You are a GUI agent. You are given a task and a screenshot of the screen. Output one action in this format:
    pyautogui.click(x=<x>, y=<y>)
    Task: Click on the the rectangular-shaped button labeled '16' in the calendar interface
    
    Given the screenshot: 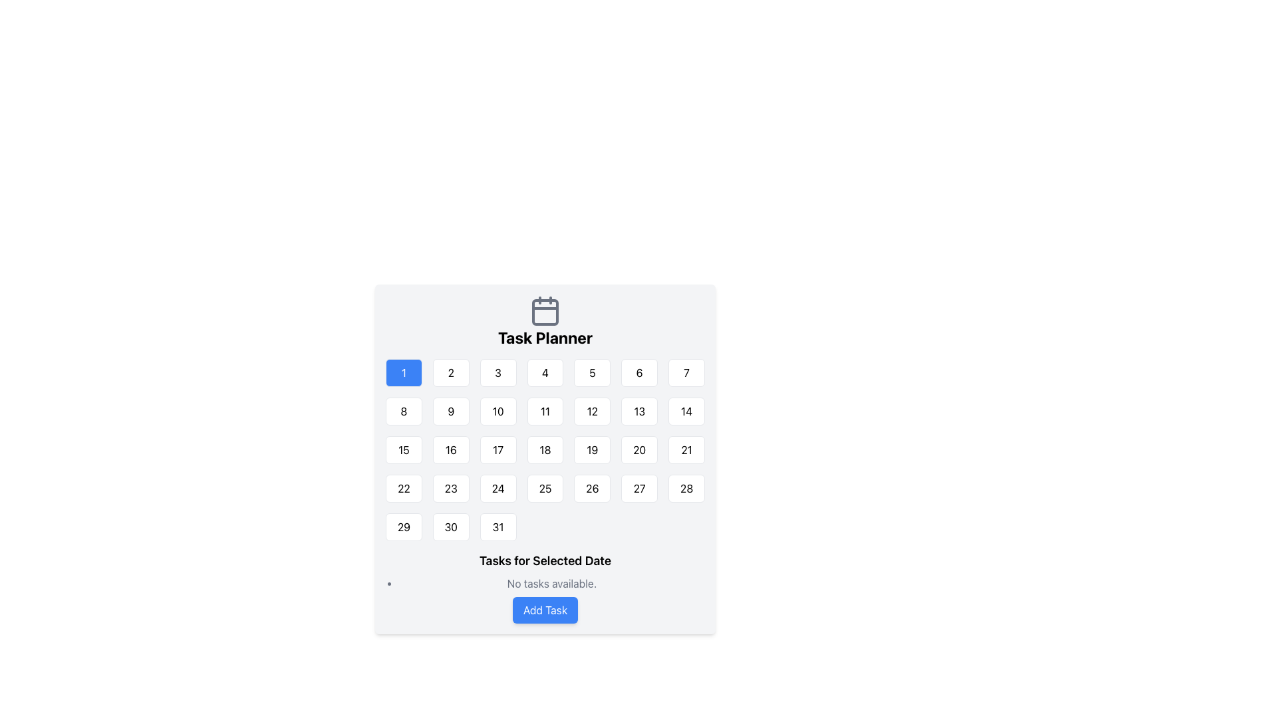 What is the action you would take?
    pyautogui.click(x=451, y=449)
    